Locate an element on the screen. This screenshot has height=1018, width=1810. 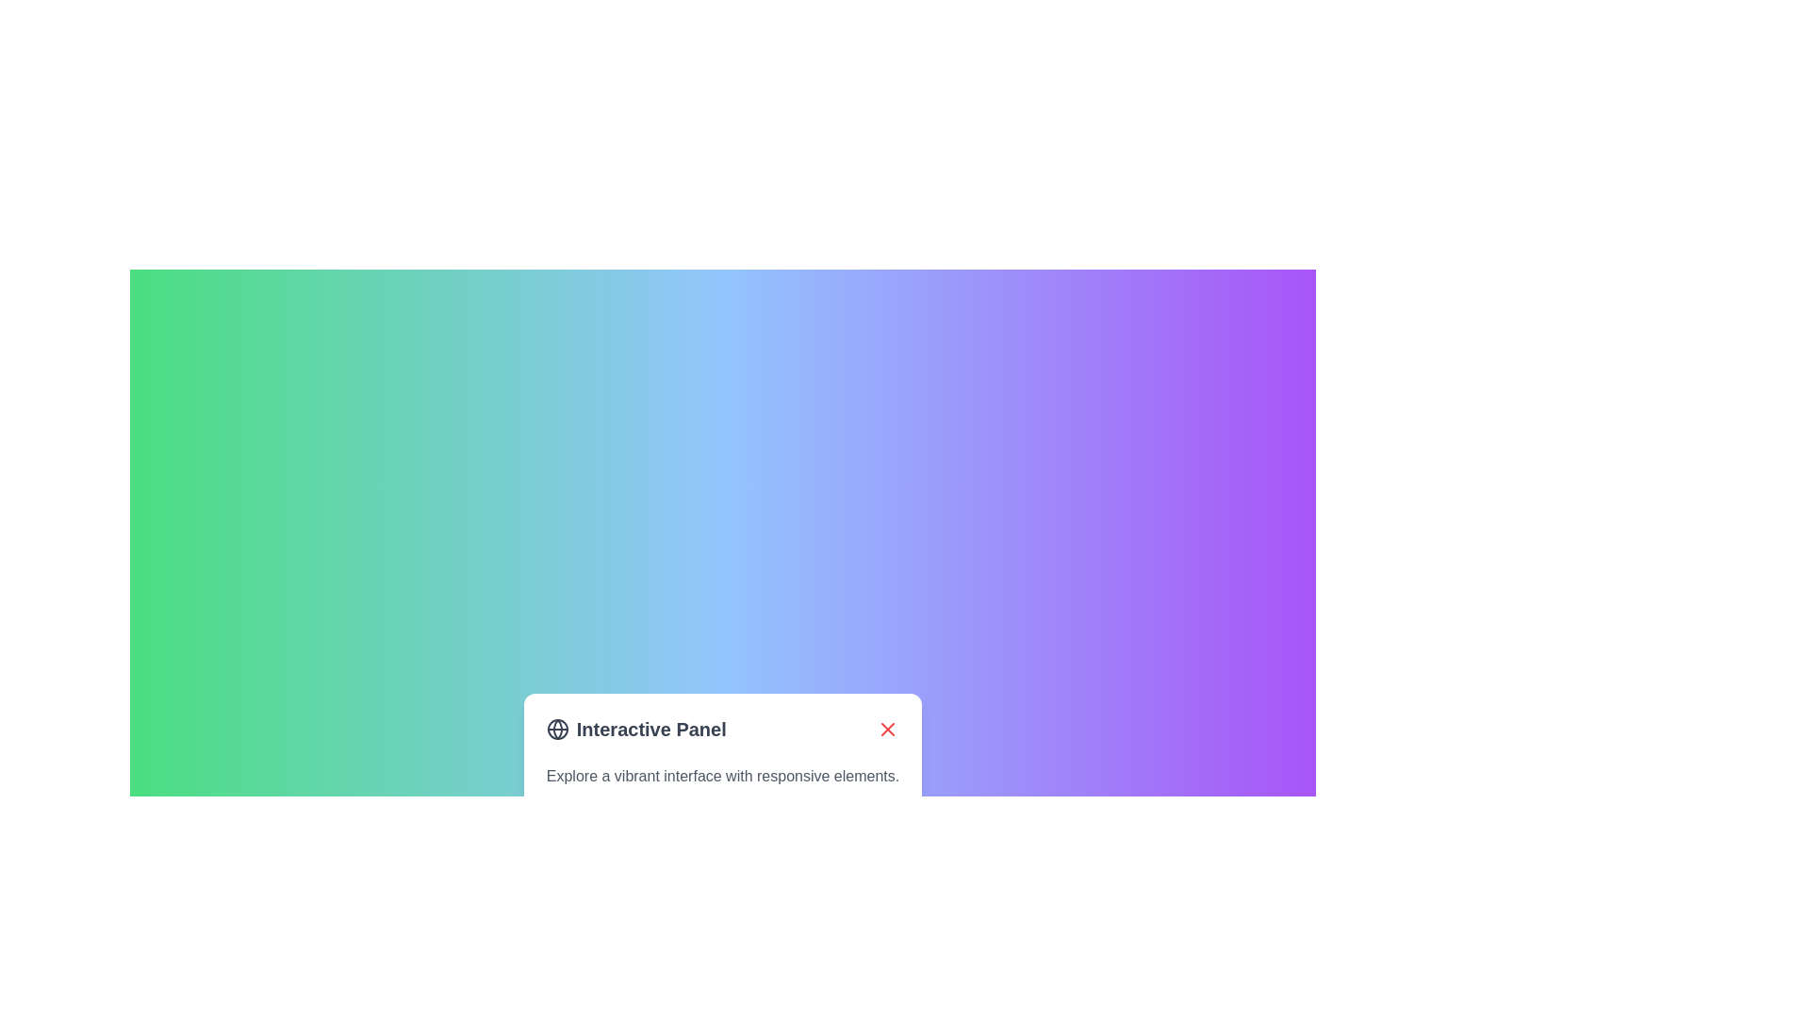
the SVG Globe icon located in the bottom-right corner of the interface within the 'Interactive Panel' is located at coordinates (556, 729).